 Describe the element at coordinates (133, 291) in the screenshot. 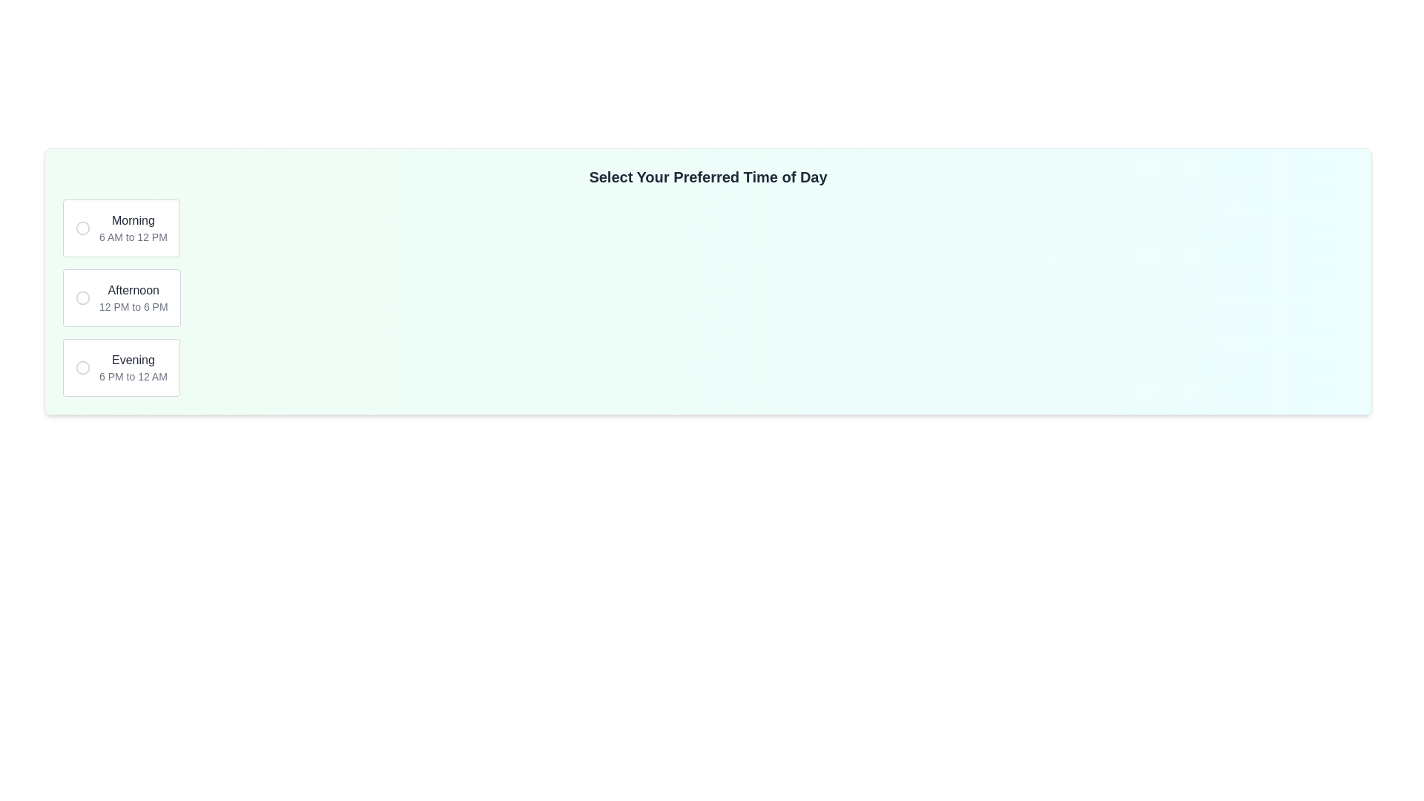

I see `the Static Text Label that serves as a title for the time range, located above '12 PM to 6 PM' in the vertical list of time period options` at that location.